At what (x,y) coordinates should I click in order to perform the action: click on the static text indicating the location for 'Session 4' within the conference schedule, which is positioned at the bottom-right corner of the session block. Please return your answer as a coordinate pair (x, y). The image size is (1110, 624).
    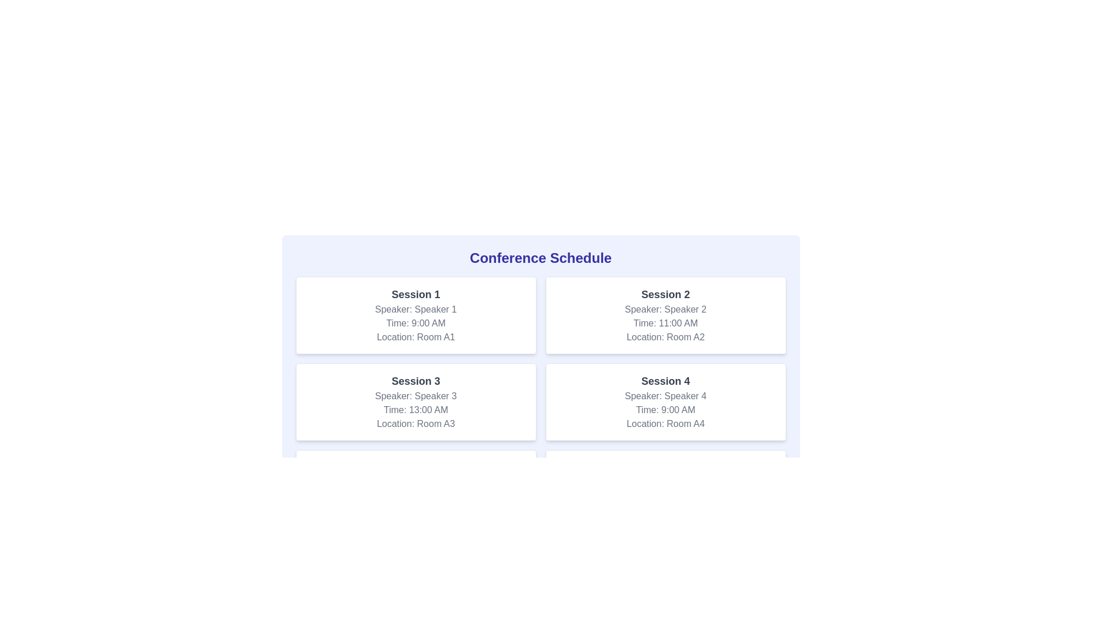
    Looking at the image, I should click on (665, 424).